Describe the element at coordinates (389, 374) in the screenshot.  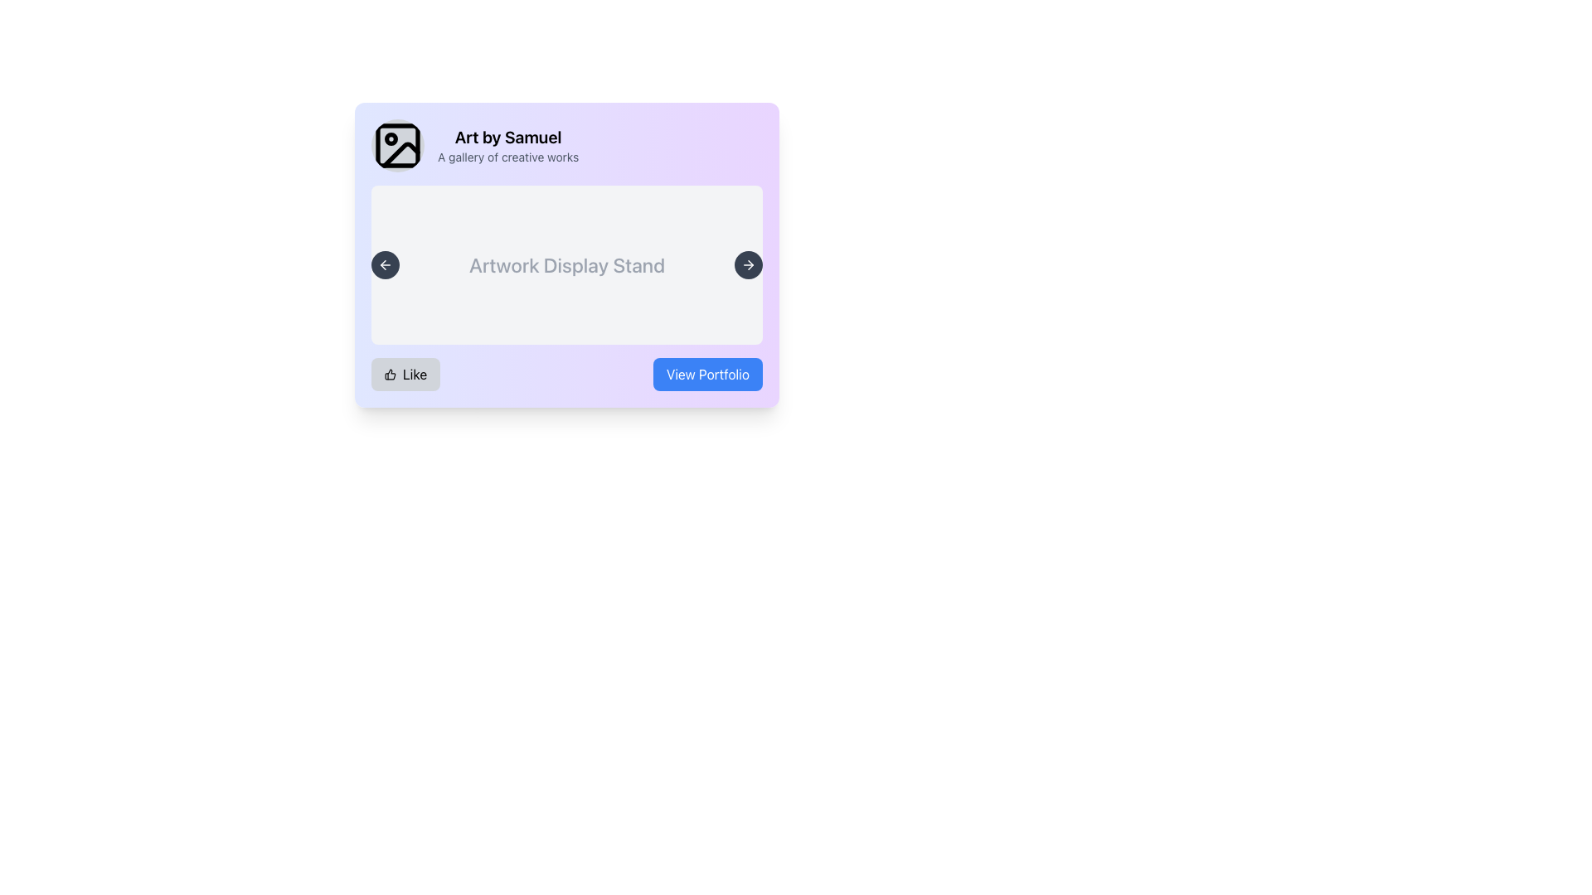
I see `the 'Like' icon located at the bottom-left area of the card component, which visually represents the functionality of liking or approving content` at that location.